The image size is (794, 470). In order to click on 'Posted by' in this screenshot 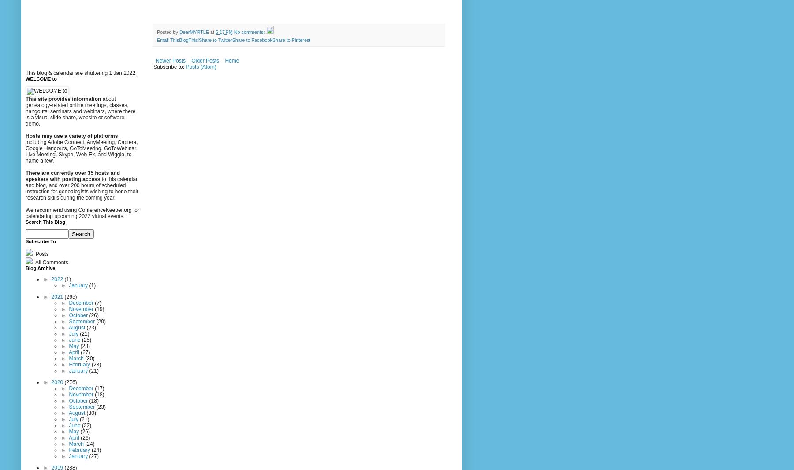, I will do `click(168, 31)`.